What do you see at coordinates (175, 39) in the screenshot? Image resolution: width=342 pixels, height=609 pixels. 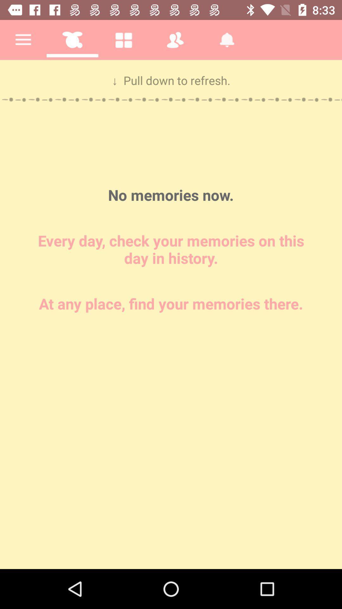 I see `the fourth icon on the first row` at bounding box center [175, 39].